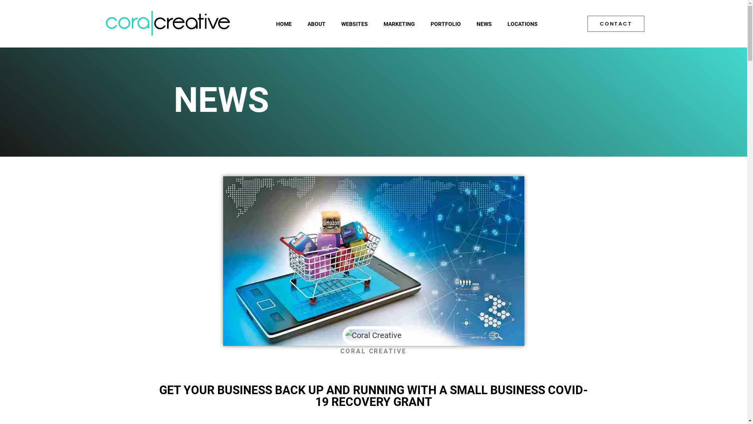  What do you see at coordinates (316, 24) in the screenshot?
I see `'ABOUT'` at bounding box center [316, 24].